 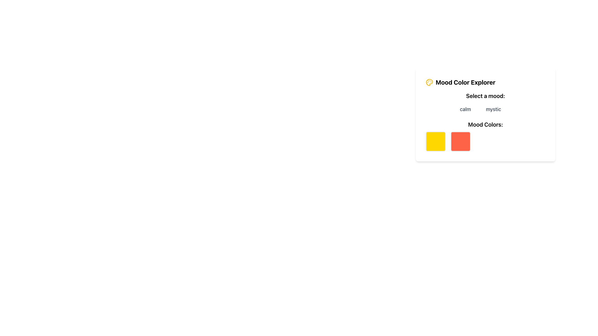 What do you see at coordinates (465, 109) in the screenshot?
I see `the 'calm' button, which is pill-shaped with light gray background and darker gray text` at bounding box center [465, 109].